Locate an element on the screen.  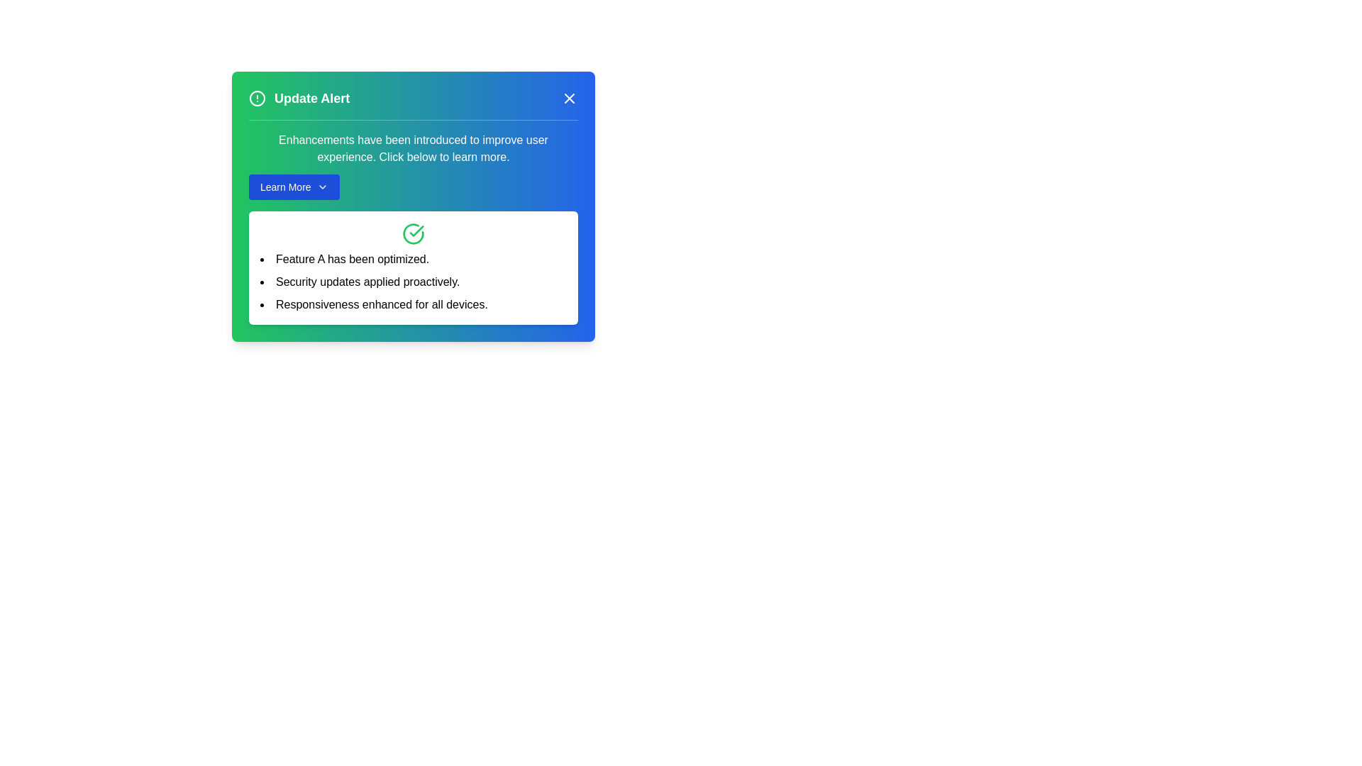
close button (X) on the alert panel to dismiss it is located at coordinates (569, 97).